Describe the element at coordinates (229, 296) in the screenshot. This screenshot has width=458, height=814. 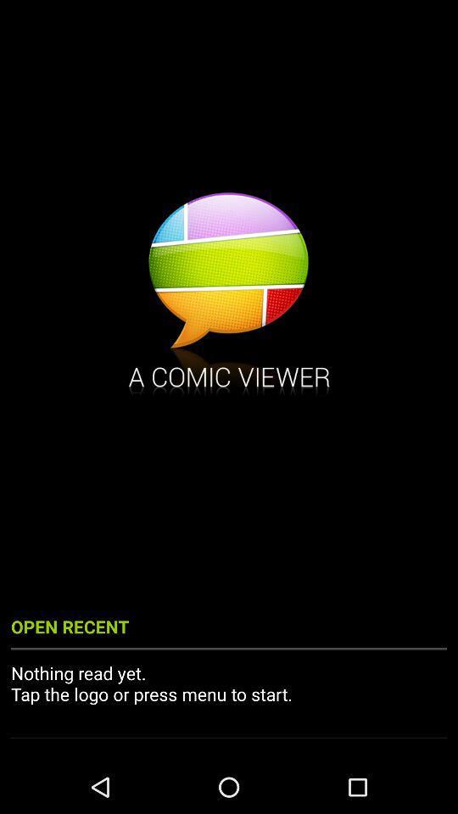
I see `icon at the center` at that location.